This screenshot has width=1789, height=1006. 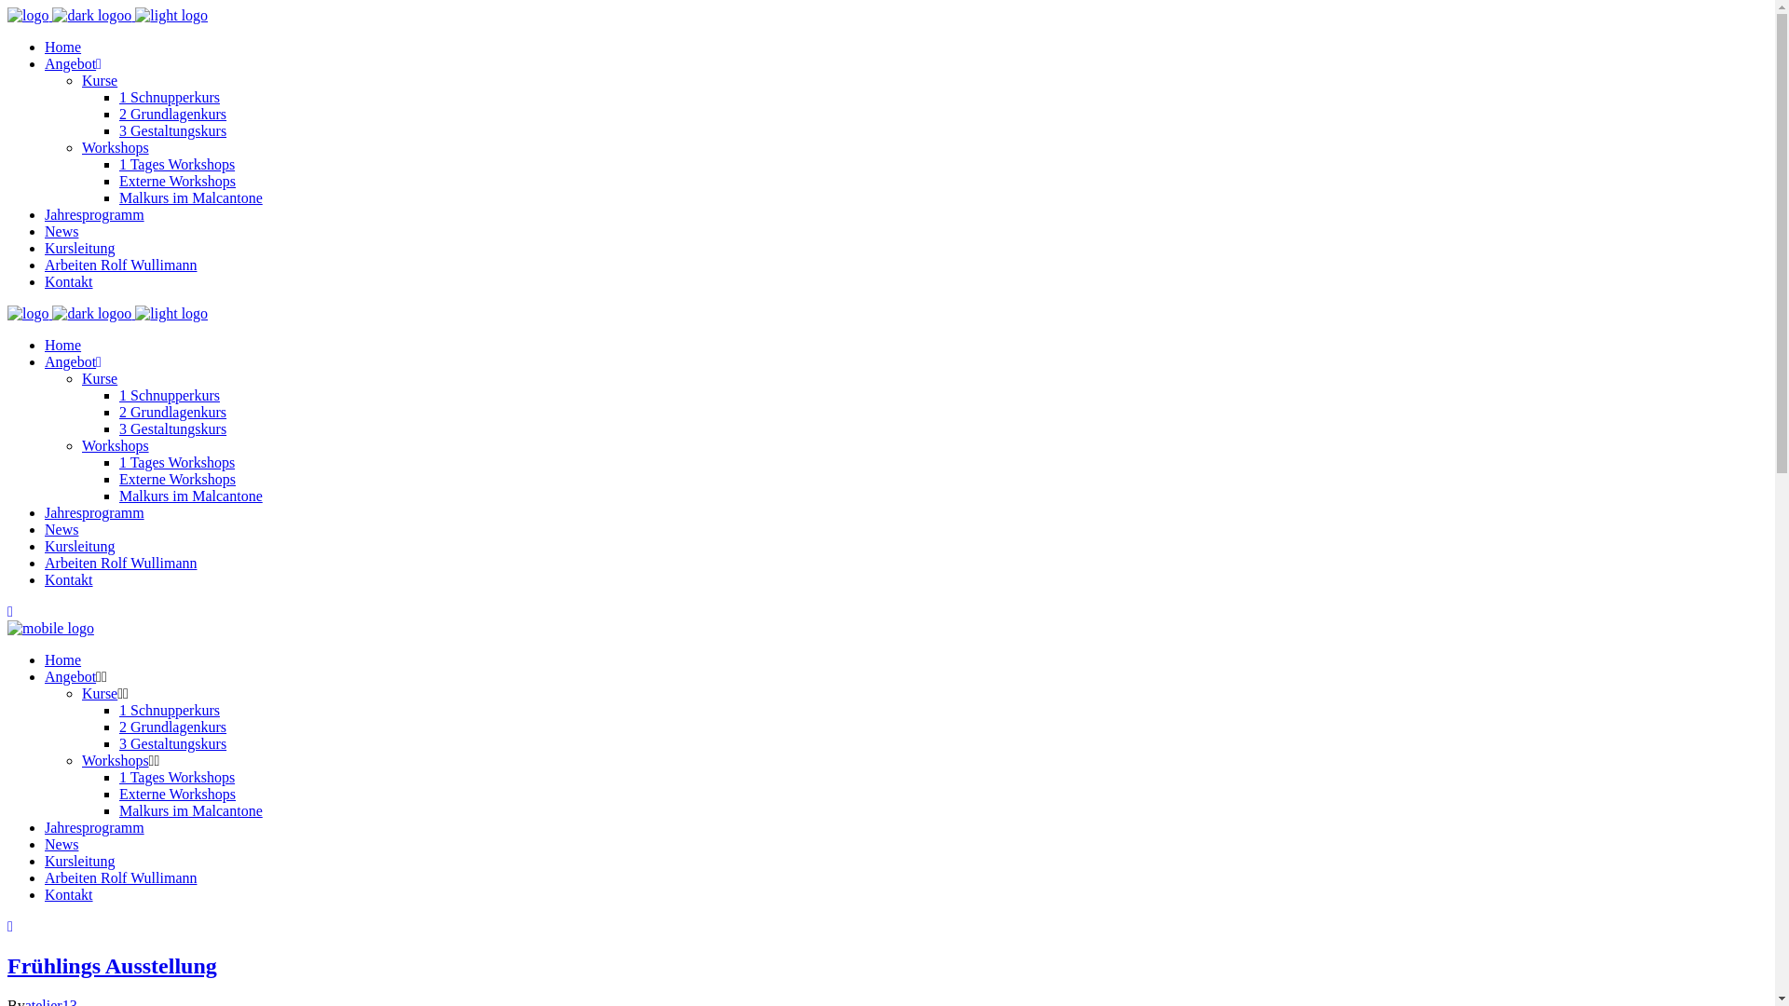 What do you see at coordinates (68, 893) in the screenshot?
I see `'Kontakt'` at bounding box center [68, 893].